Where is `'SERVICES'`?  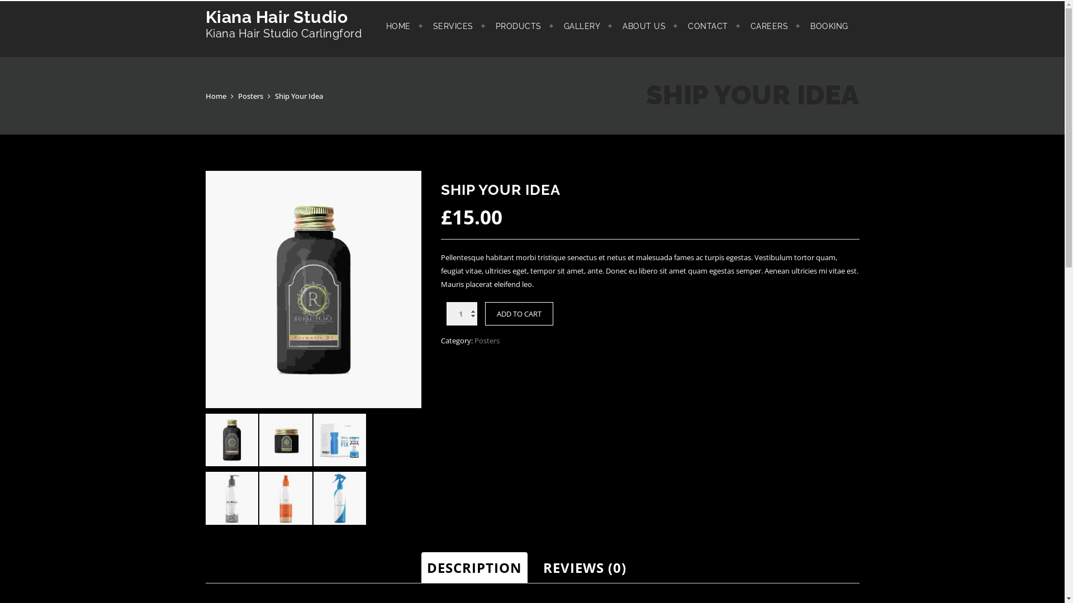
'SERVICES' is located at coordinates (431, 25).